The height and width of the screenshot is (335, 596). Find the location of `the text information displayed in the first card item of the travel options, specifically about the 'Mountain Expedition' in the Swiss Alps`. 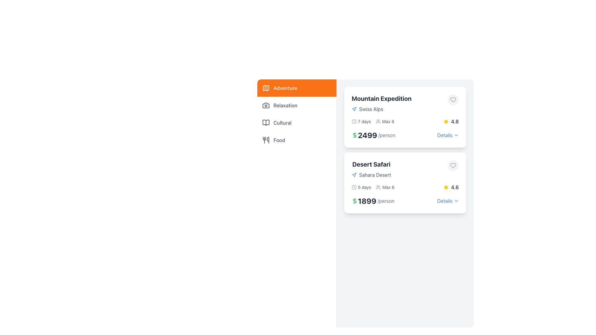

the text information displayed in the first card item of the travel options, specifically about the 'Mountain Expedition' in the Swiss Alps is located at coordinates (405, 103).